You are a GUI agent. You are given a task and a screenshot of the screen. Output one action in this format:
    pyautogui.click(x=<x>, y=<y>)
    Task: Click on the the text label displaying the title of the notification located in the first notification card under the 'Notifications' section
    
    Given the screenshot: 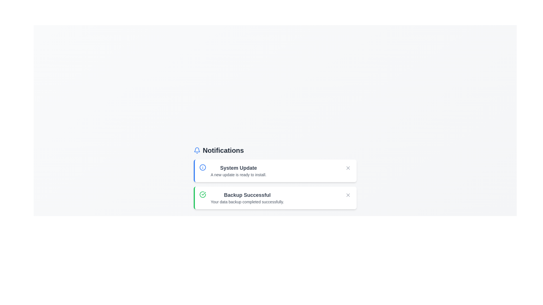 What is the action you would take?
    pyautogui.click(x=238, y=167)
    